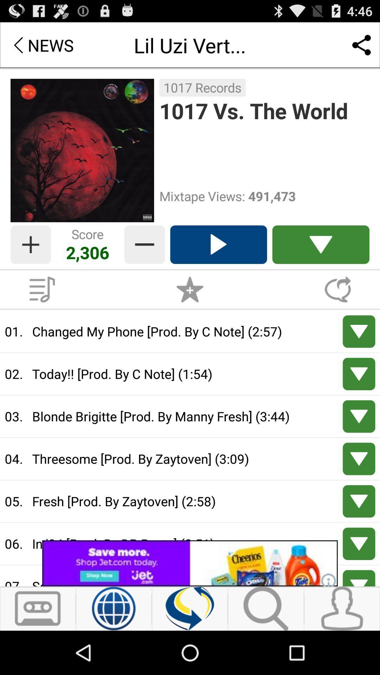 This screenshot has height=675, width=380. I want to click on arrow down for next, so click(359, 543).